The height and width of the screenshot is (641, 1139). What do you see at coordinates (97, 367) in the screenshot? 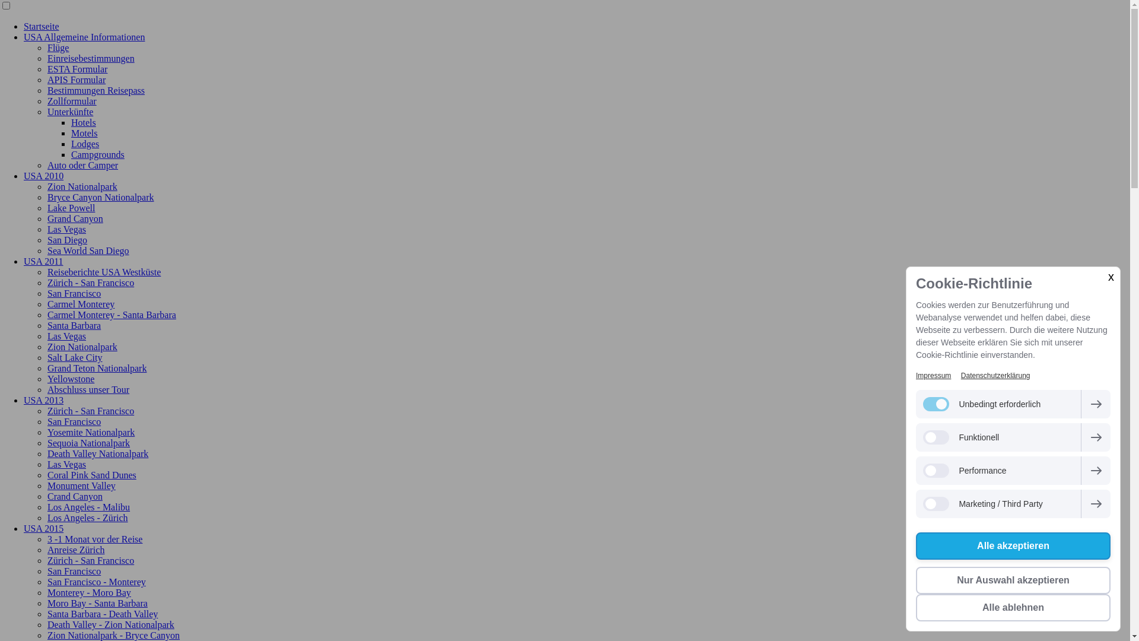
I see `'Grand Teton Nationalpark'` at bounding box center [97, 367].